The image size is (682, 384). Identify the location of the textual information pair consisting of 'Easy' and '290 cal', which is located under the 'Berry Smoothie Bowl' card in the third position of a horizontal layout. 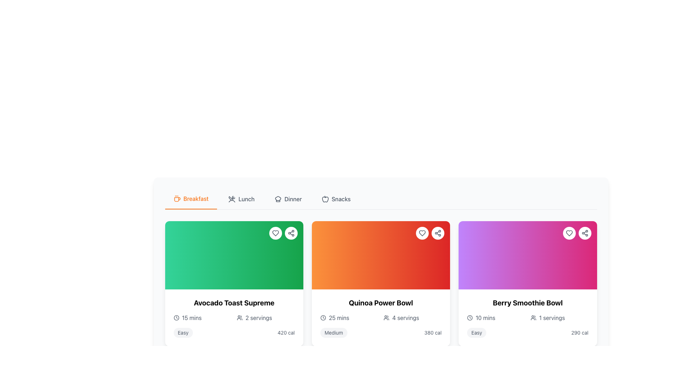
(527, 333).